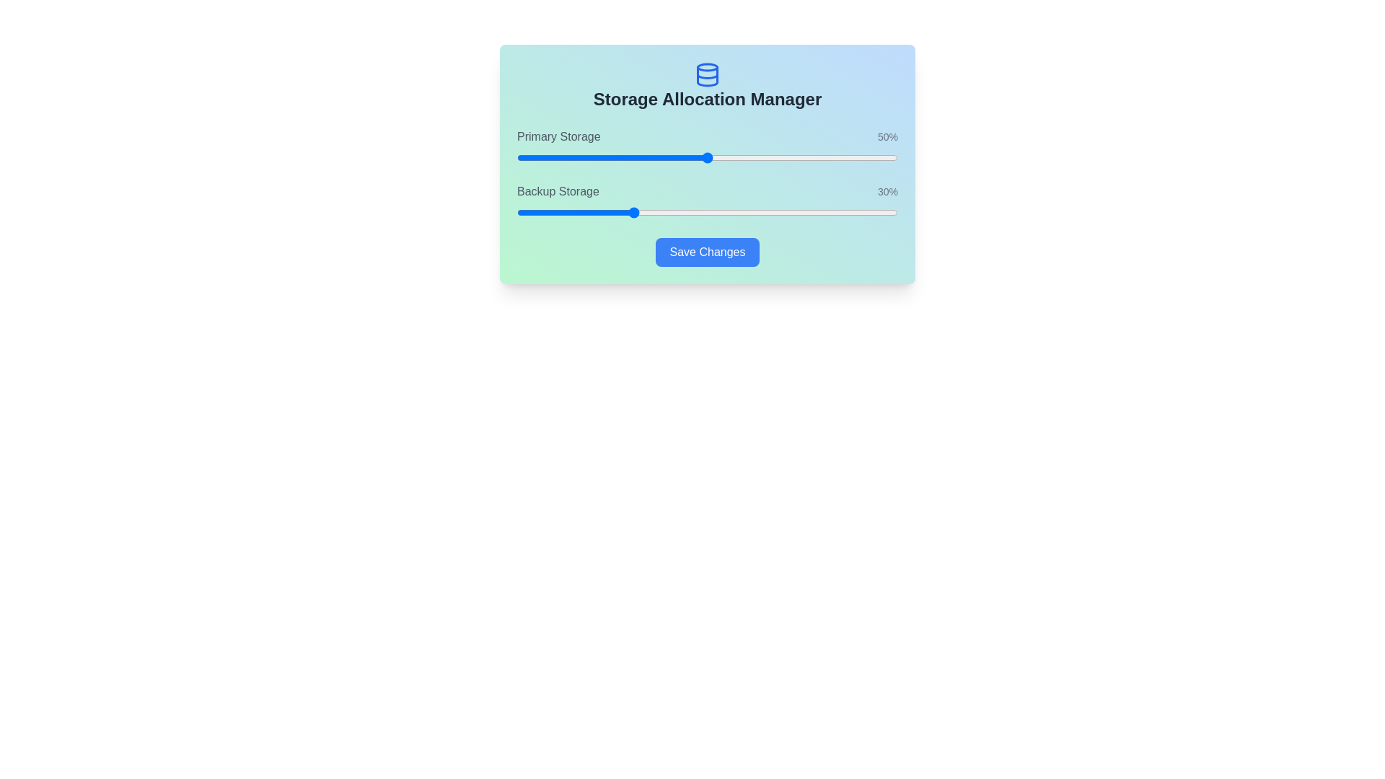 The image size is (1385, 779). Describe the element at coordinates (684, 158) in the screenshot. I see `the Primary Storage slider to set its value to 44` at that location.